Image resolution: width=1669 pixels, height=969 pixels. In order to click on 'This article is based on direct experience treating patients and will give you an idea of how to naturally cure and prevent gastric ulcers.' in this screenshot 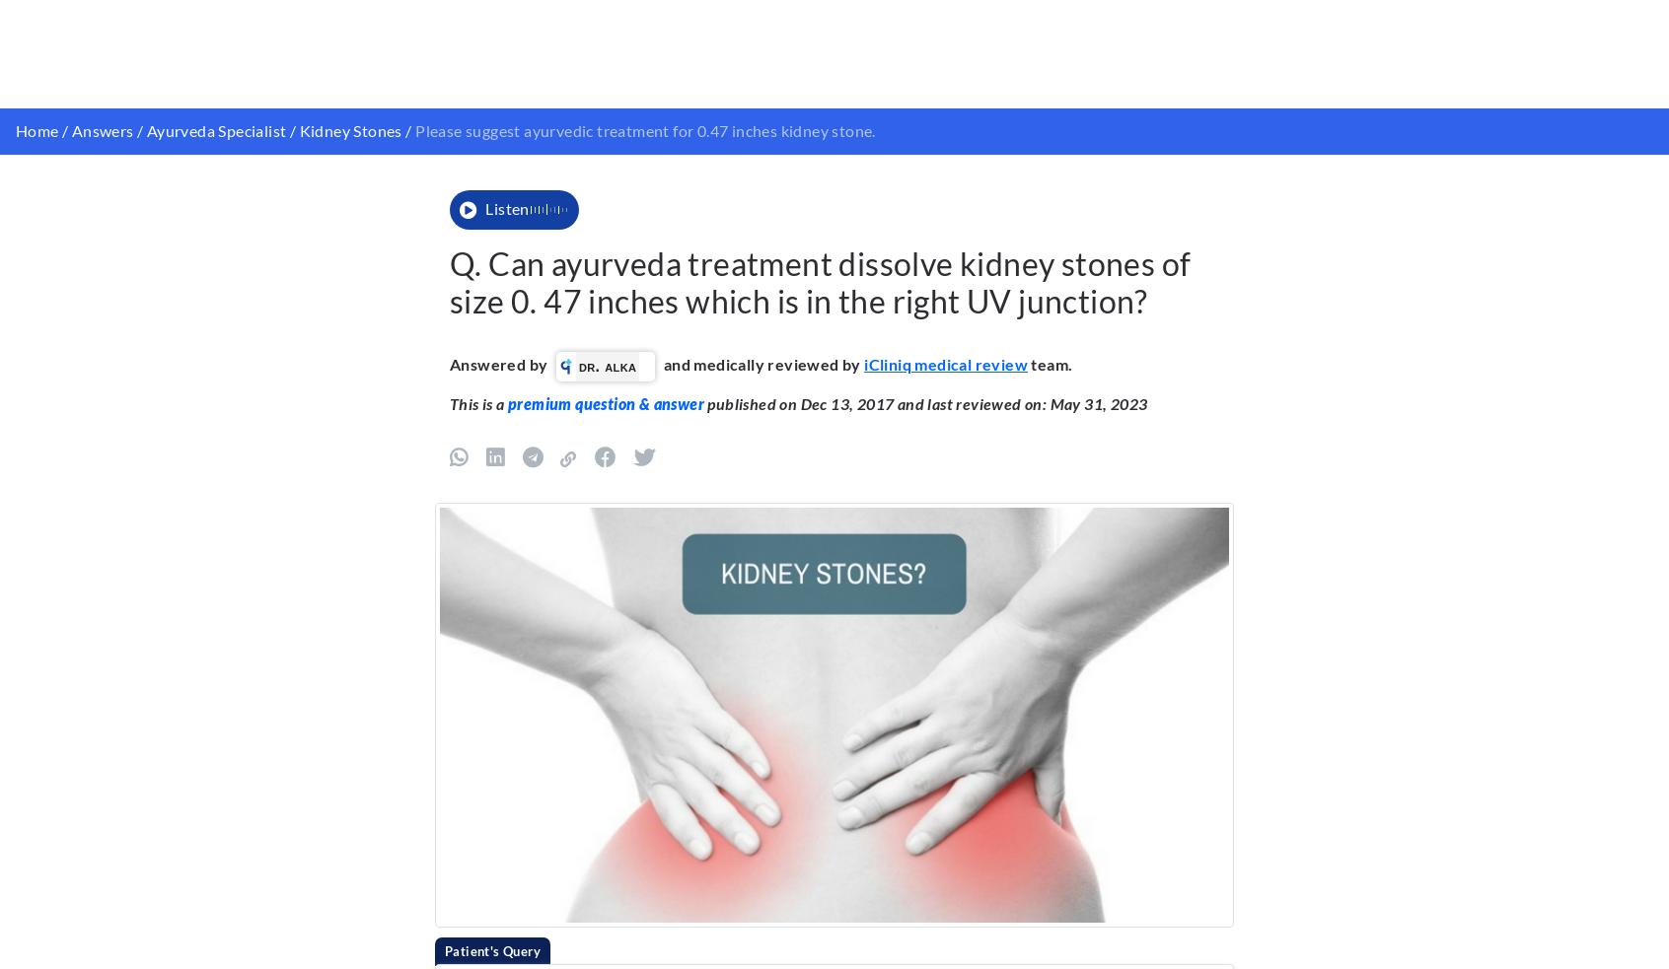, I will do `click(818, 313)`.